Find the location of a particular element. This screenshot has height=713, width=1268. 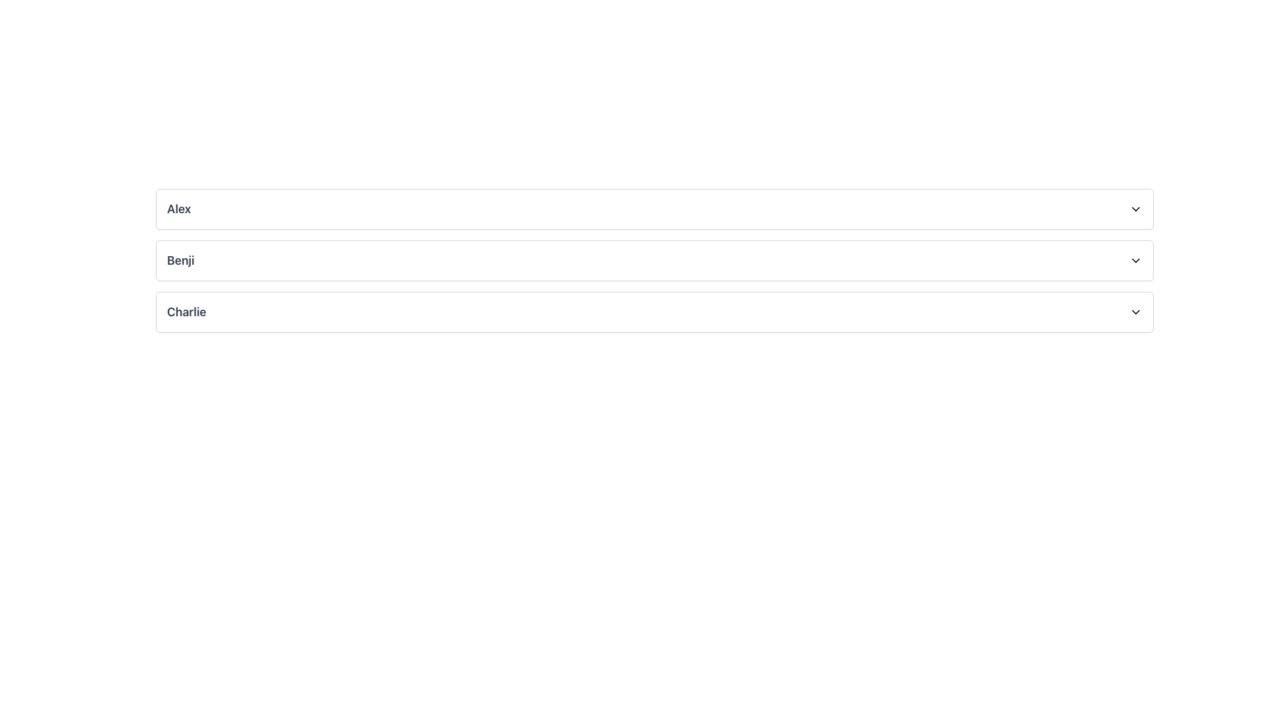

the Dropdown element labeled 'Alex' with a downward-pointing chevron, located at the top of a vertical list of items is located at coordinates (654, 208).